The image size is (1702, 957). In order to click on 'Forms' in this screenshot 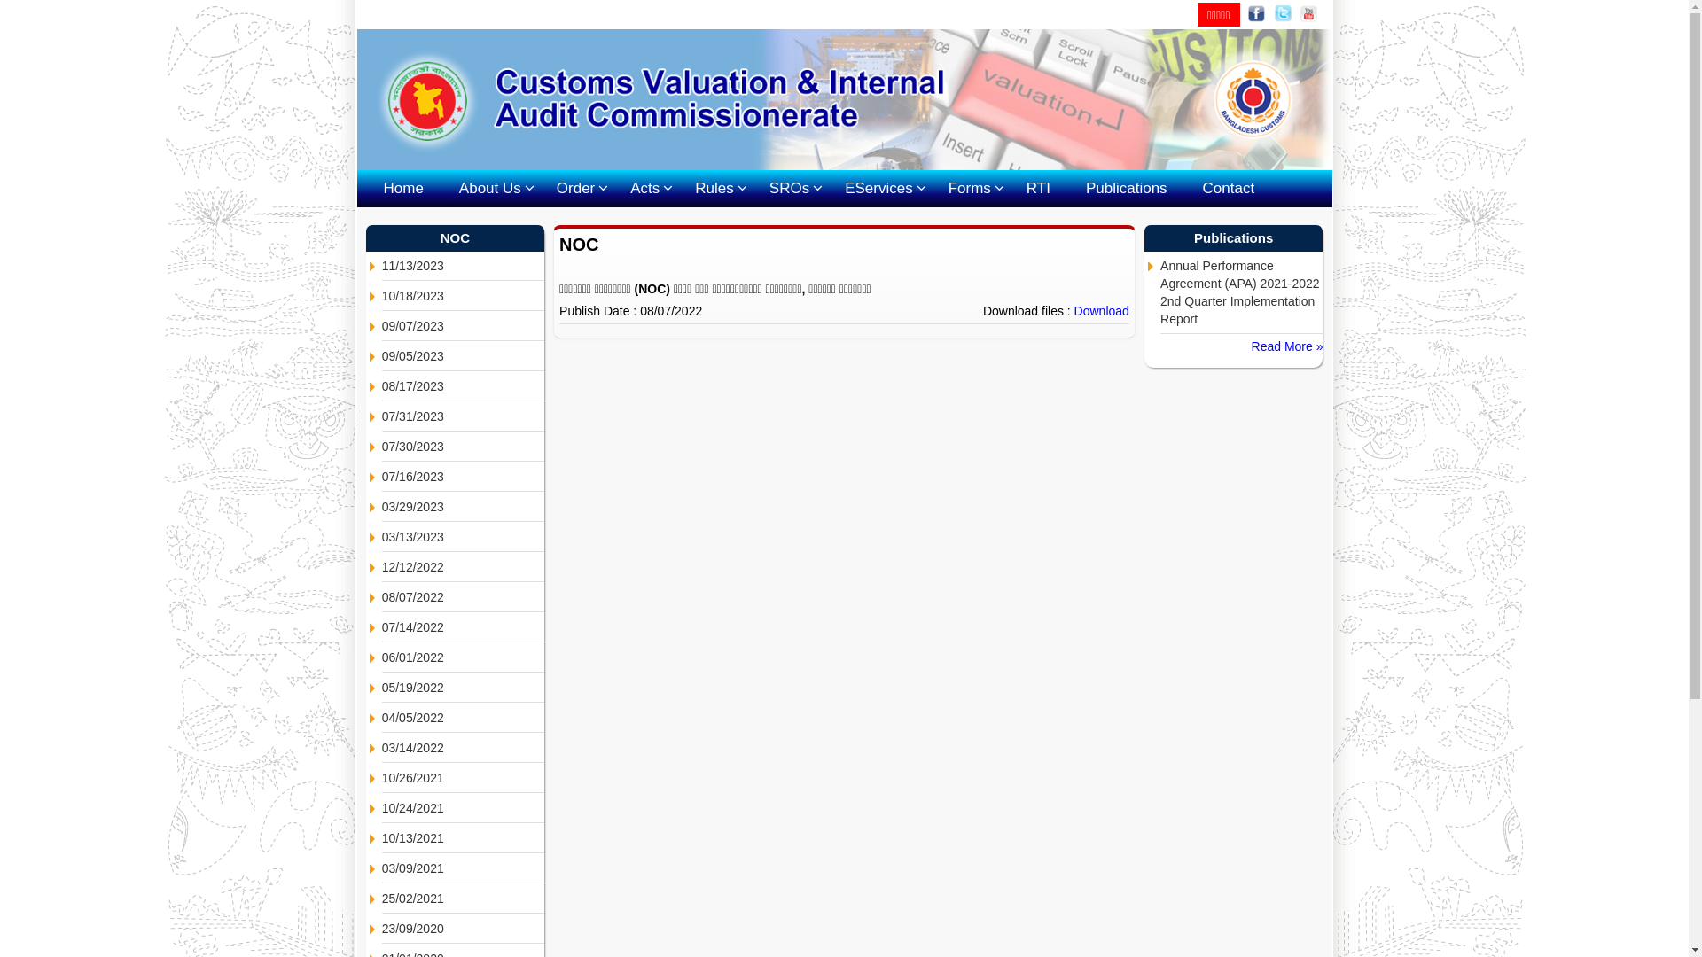, I will do `click(969, 188)`.